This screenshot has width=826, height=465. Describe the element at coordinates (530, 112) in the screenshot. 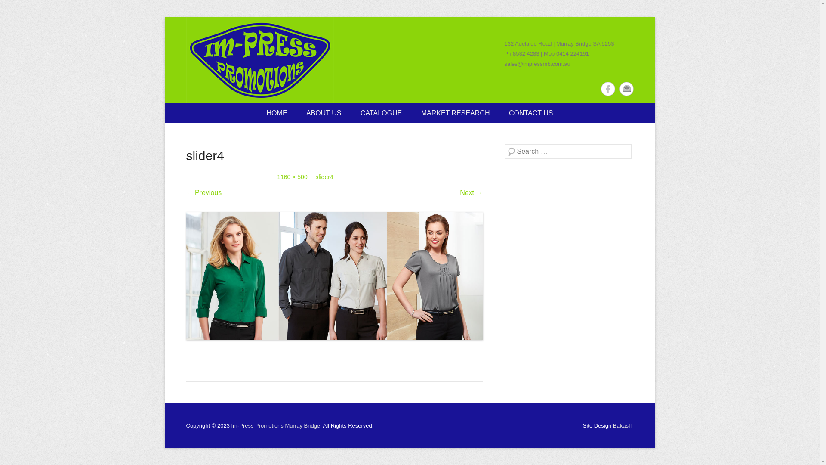

I see `'CONTACT US'` at that location.